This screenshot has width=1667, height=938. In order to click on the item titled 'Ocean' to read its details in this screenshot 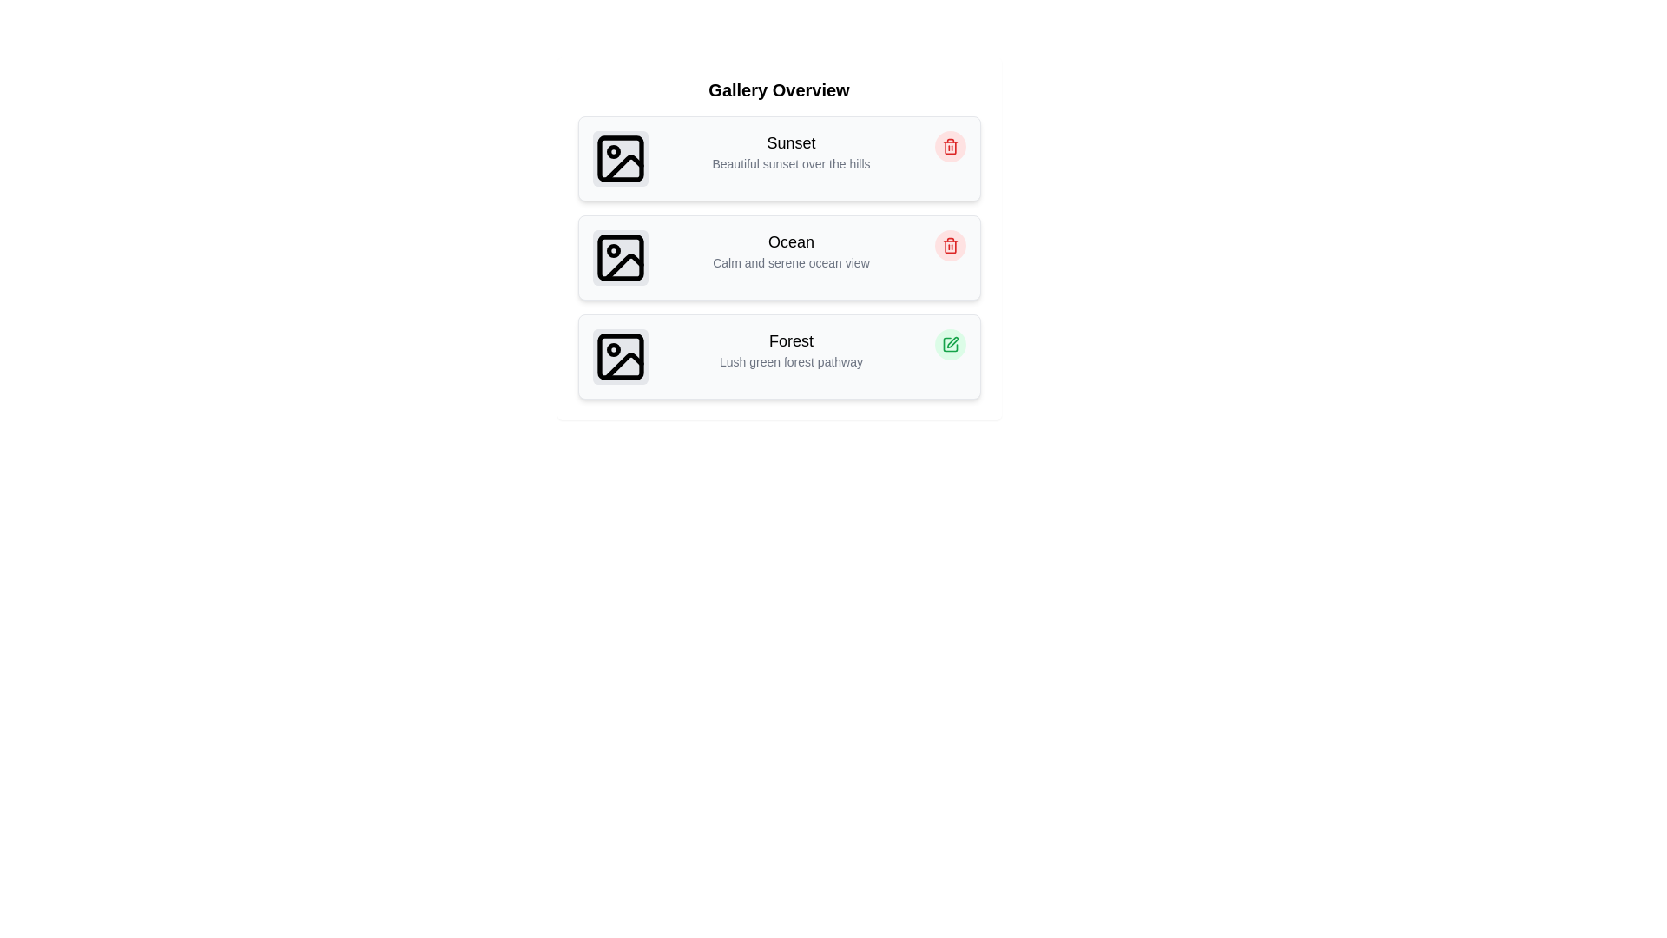, I will do `click(778, 258)`.